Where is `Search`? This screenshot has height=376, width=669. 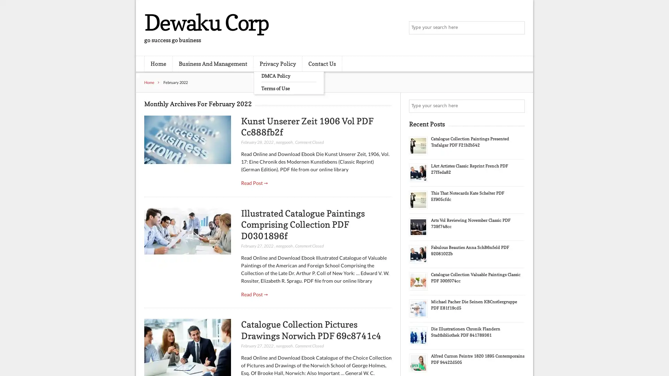
Search is located at coordinates (517, 28).